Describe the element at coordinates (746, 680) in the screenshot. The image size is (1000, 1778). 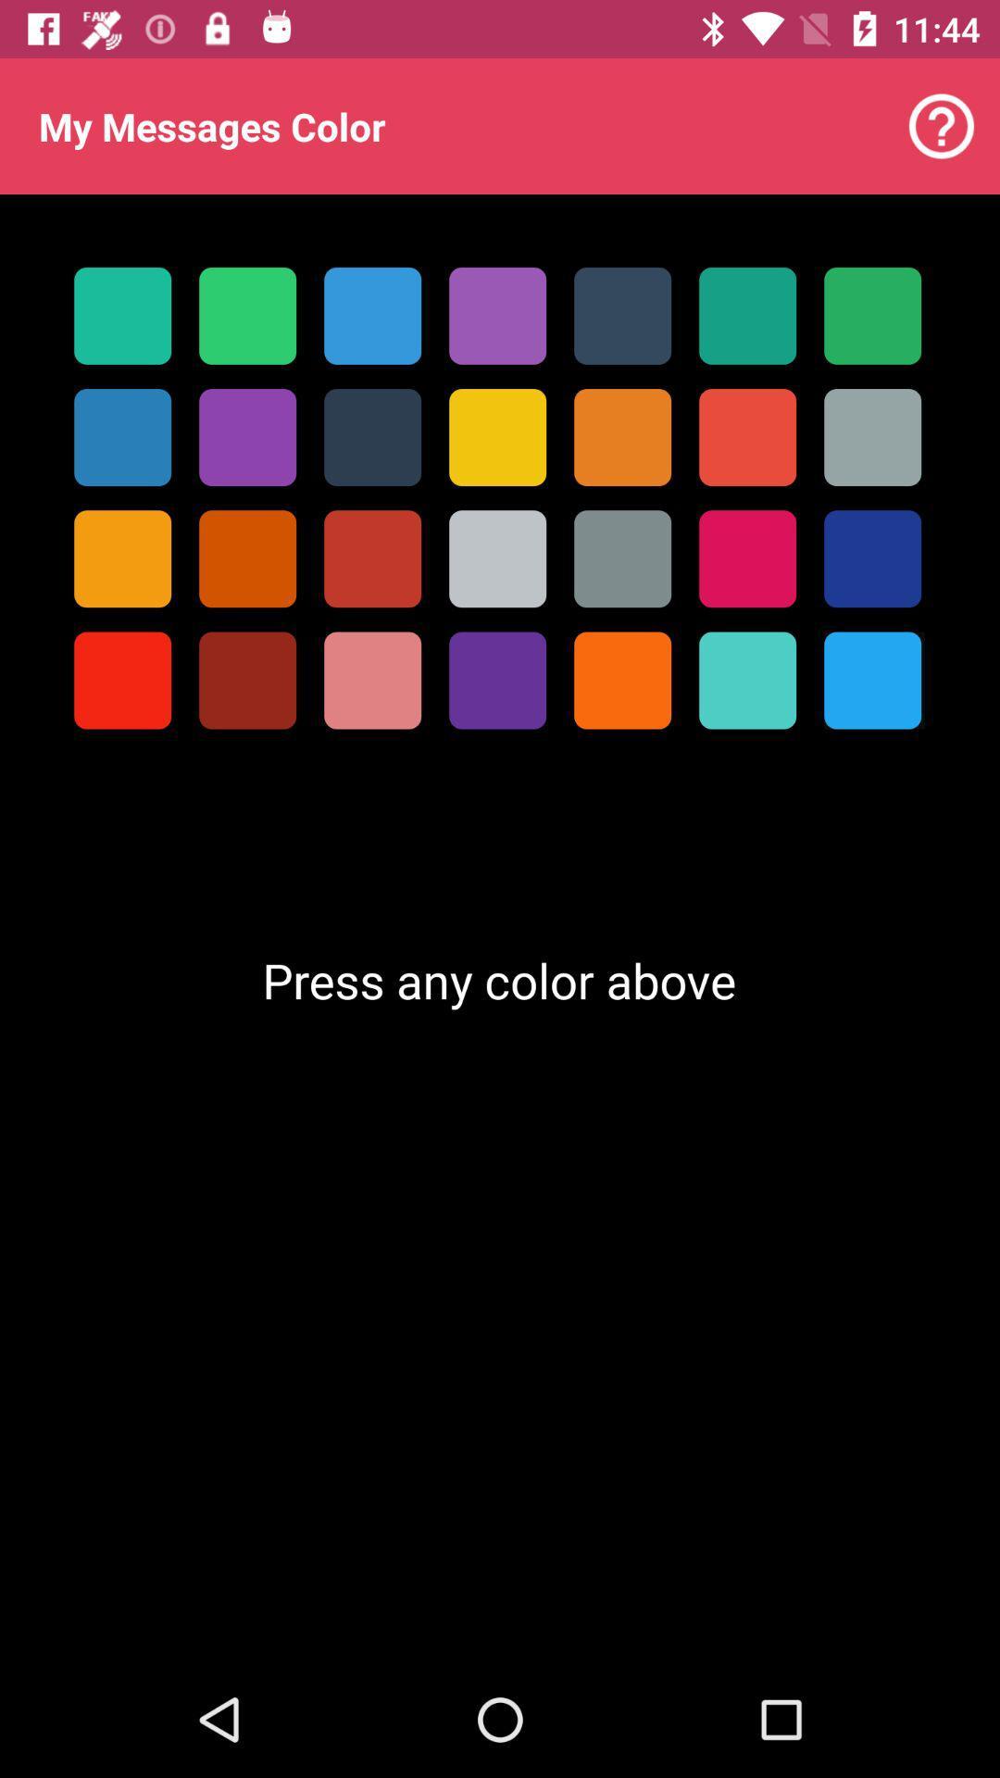
I see `the second colored box from the right bottom corner` at that location.